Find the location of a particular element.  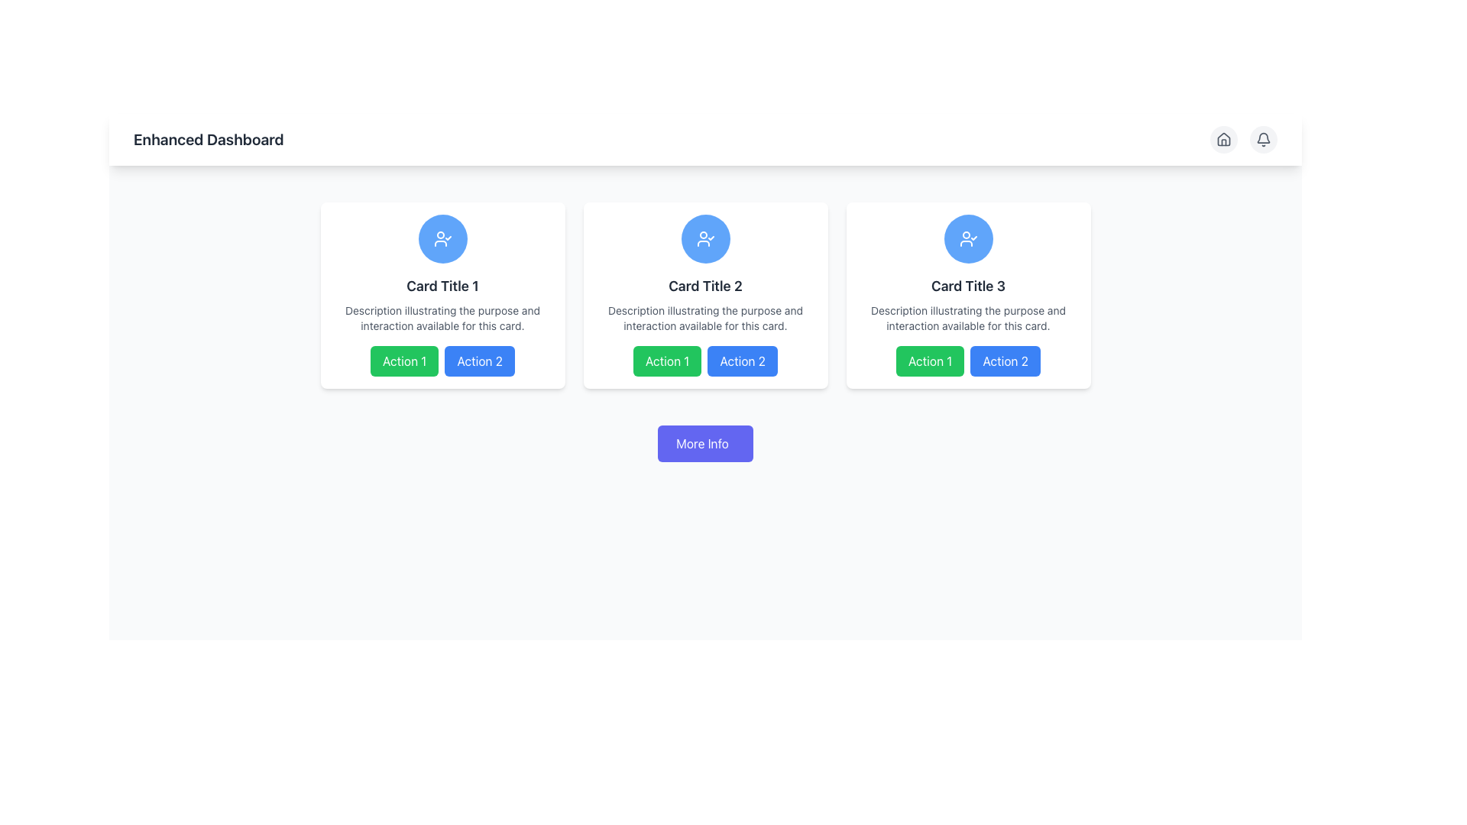

the leftmost button labeled 'Action 1' within the card titled 'Card Title 2' is located at coordinates (667, 361).